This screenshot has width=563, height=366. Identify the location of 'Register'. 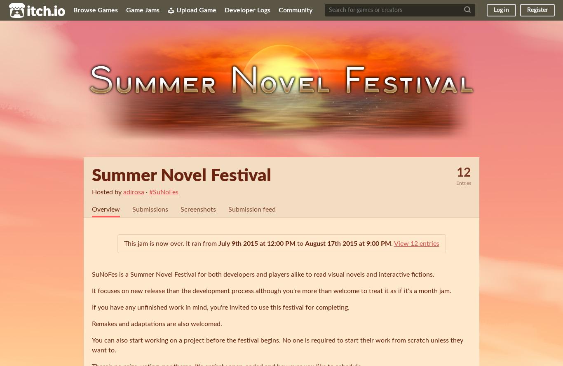
(537, 10).